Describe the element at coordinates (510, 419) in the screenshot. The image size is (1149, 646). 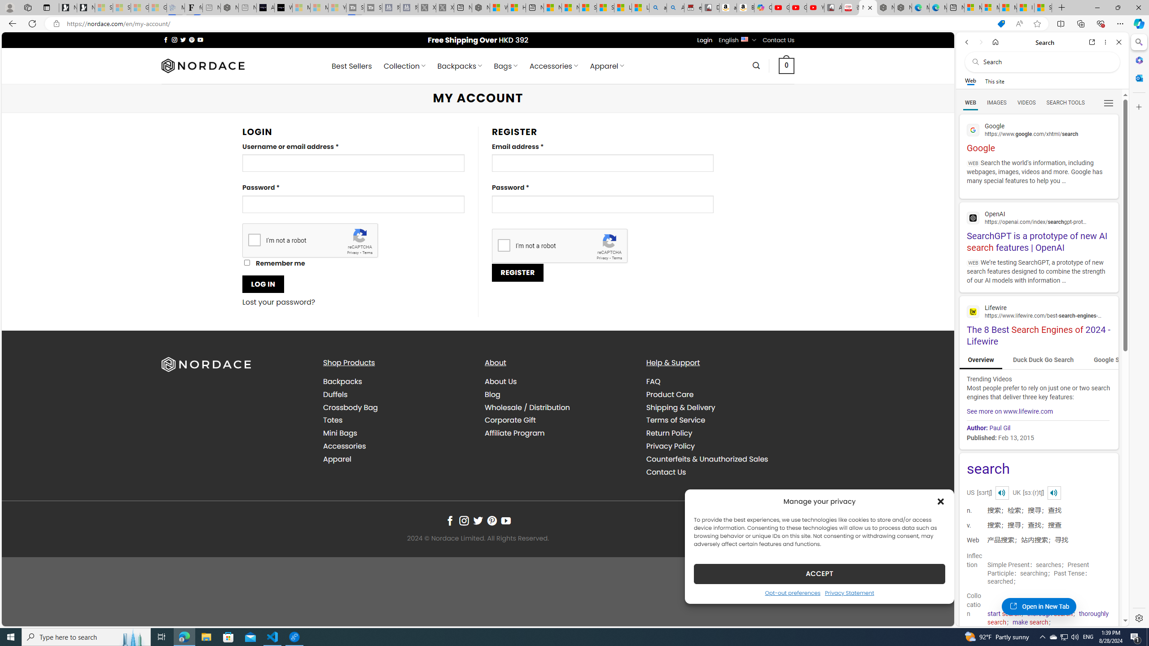
I see `'Corporate Gift'` at that location.